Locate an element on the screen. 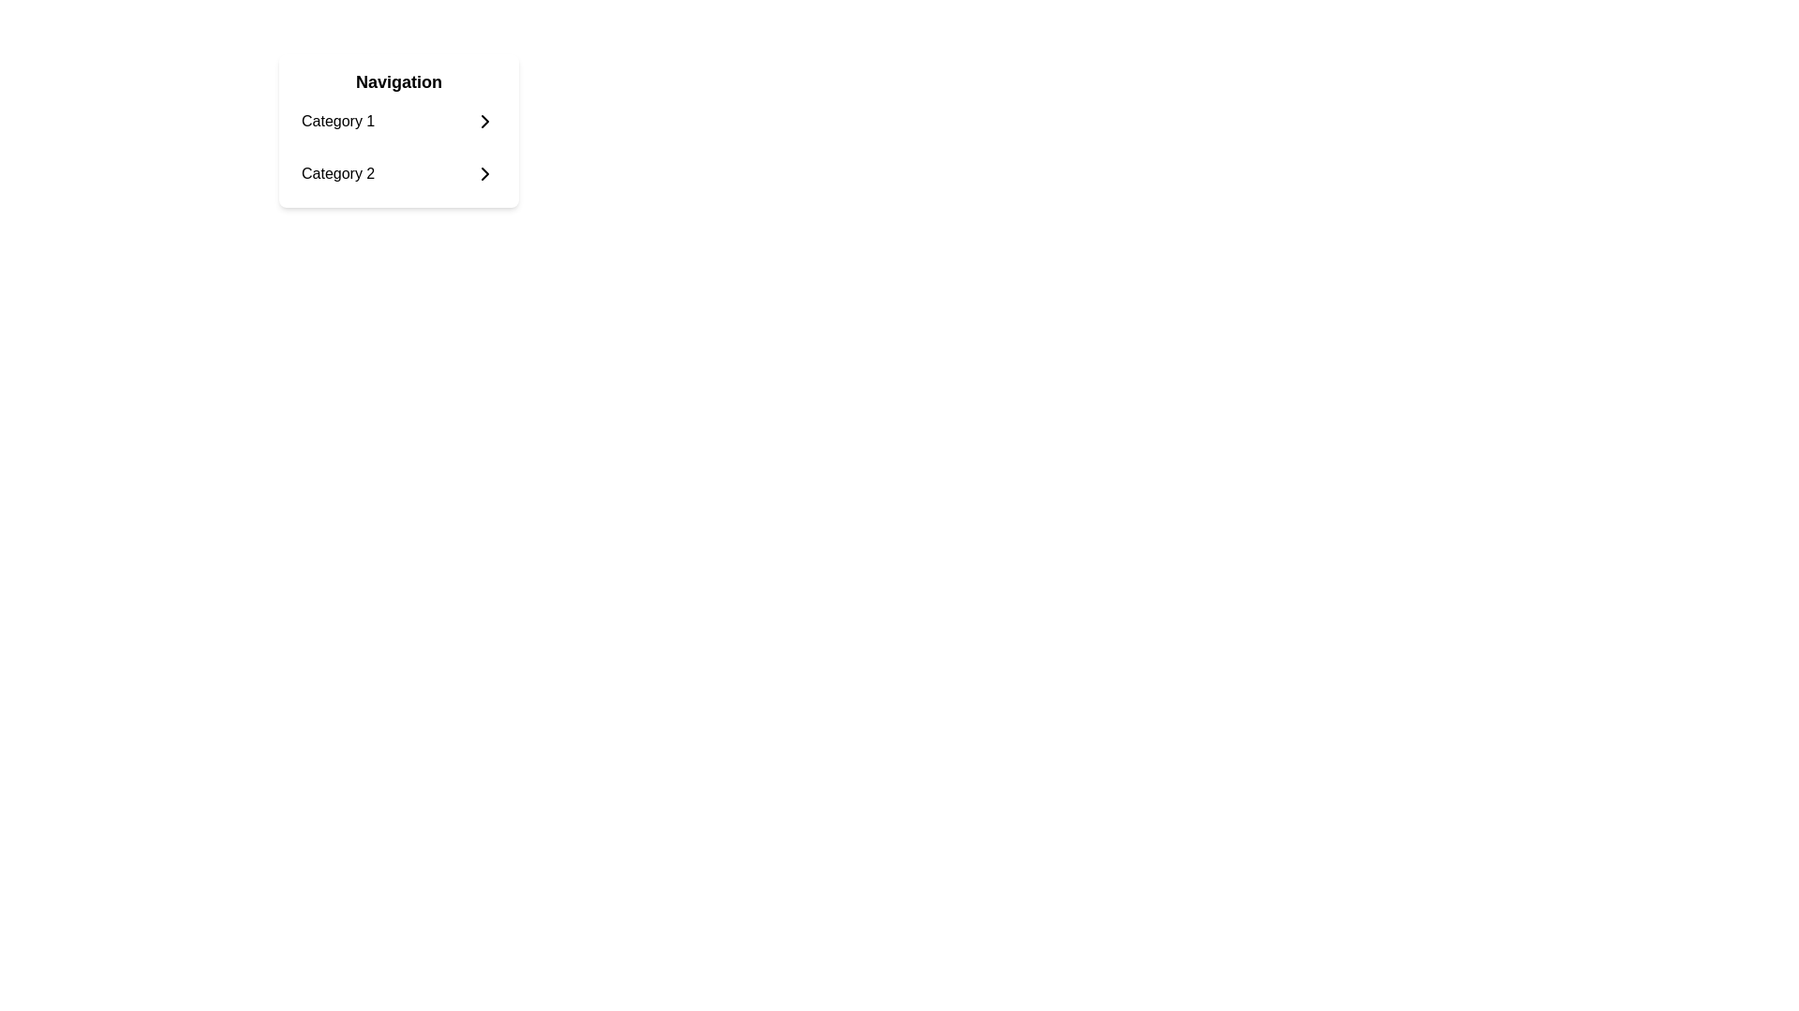 The height and width of the screenshot is (1011, 1799). the right-facing chevron icon positioned to the right of the text 'Category 1' in the vertical menu to receive visual feedback is located at coordinates (485, 122).